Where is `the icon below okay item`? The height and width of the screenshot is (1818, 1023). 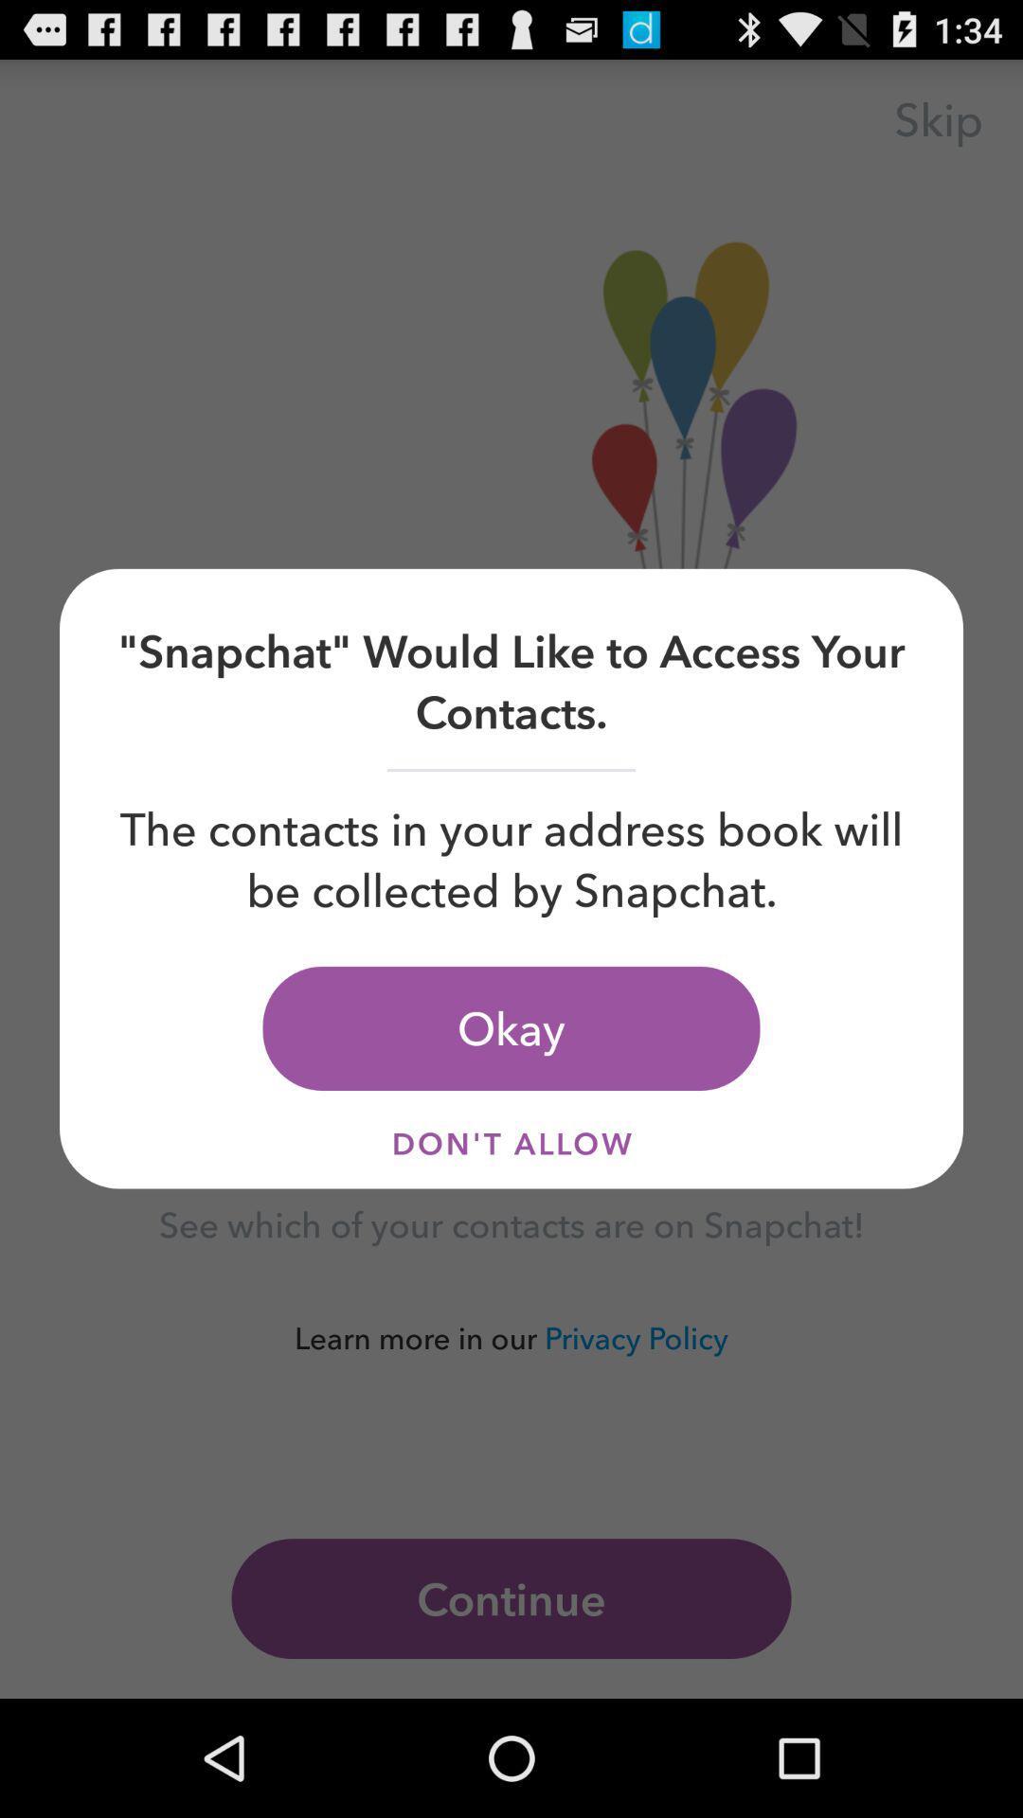
the icon below okay item is located at coordinates (511, 1142).